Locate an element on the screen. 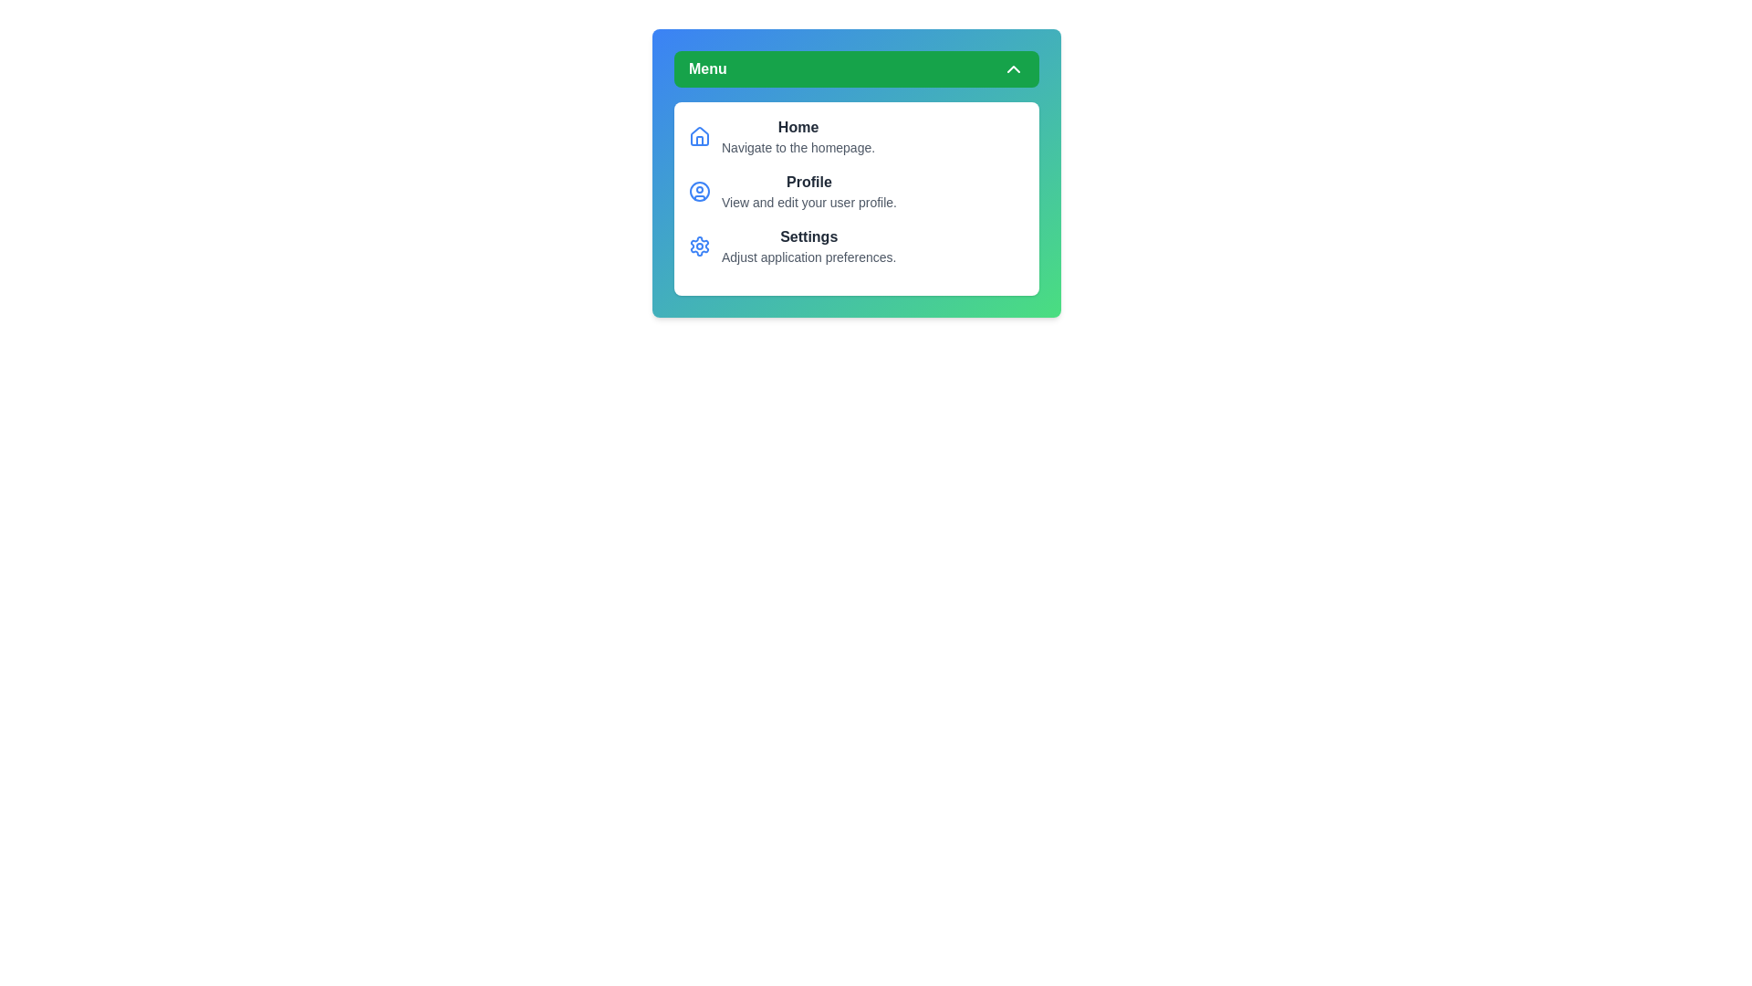 Image resolution: width=1752 pixels, height=986 pixels. the menu item Profile to view its description is located at coordinates (808, 183).